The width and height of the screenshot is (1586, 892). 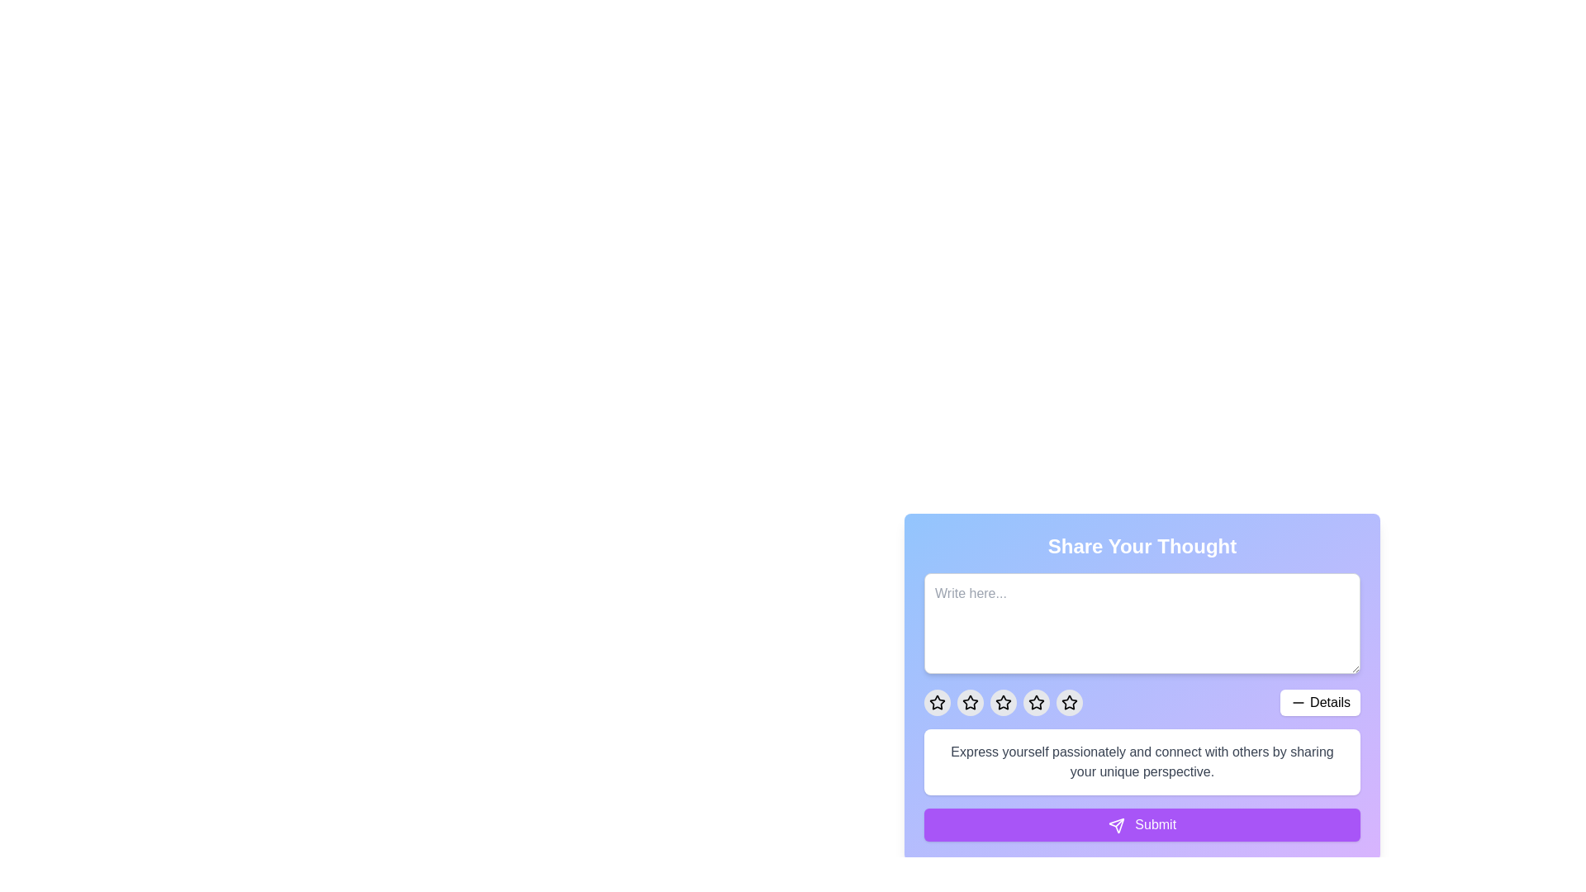 I want to click on the 'Submit' button with a bright purple background and white text for accessibility navigation, so click(x=1141, y=825).